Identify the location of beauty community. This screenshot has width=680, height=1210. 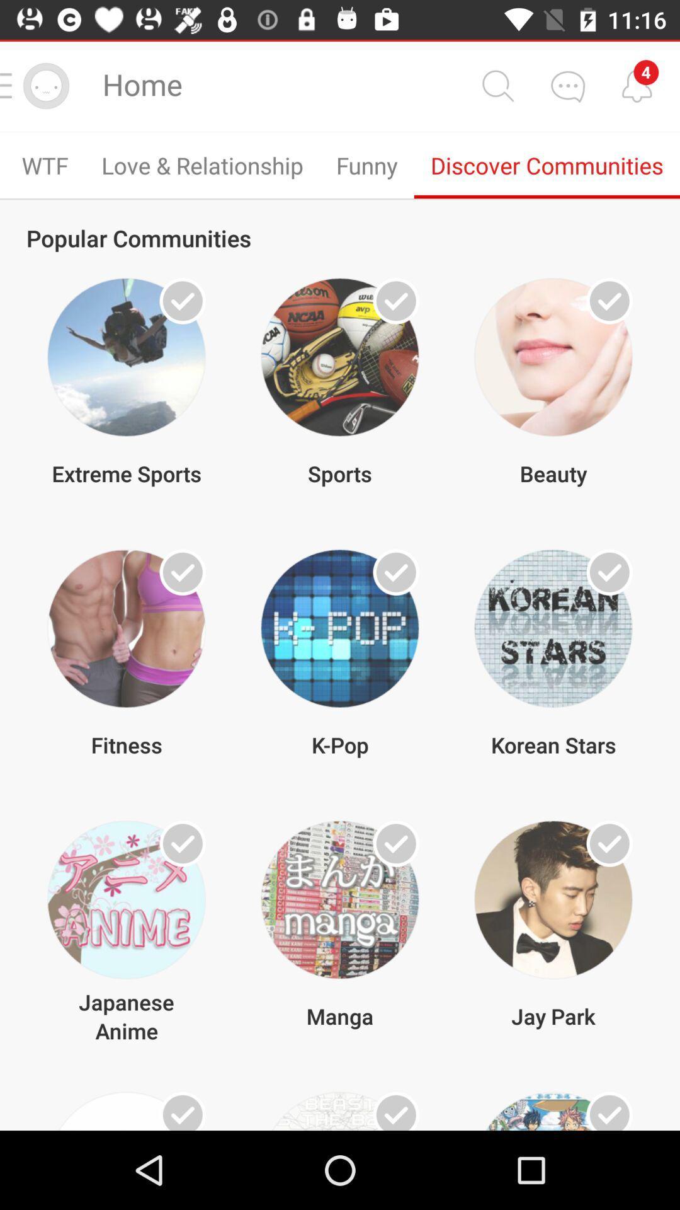
(609, 300).